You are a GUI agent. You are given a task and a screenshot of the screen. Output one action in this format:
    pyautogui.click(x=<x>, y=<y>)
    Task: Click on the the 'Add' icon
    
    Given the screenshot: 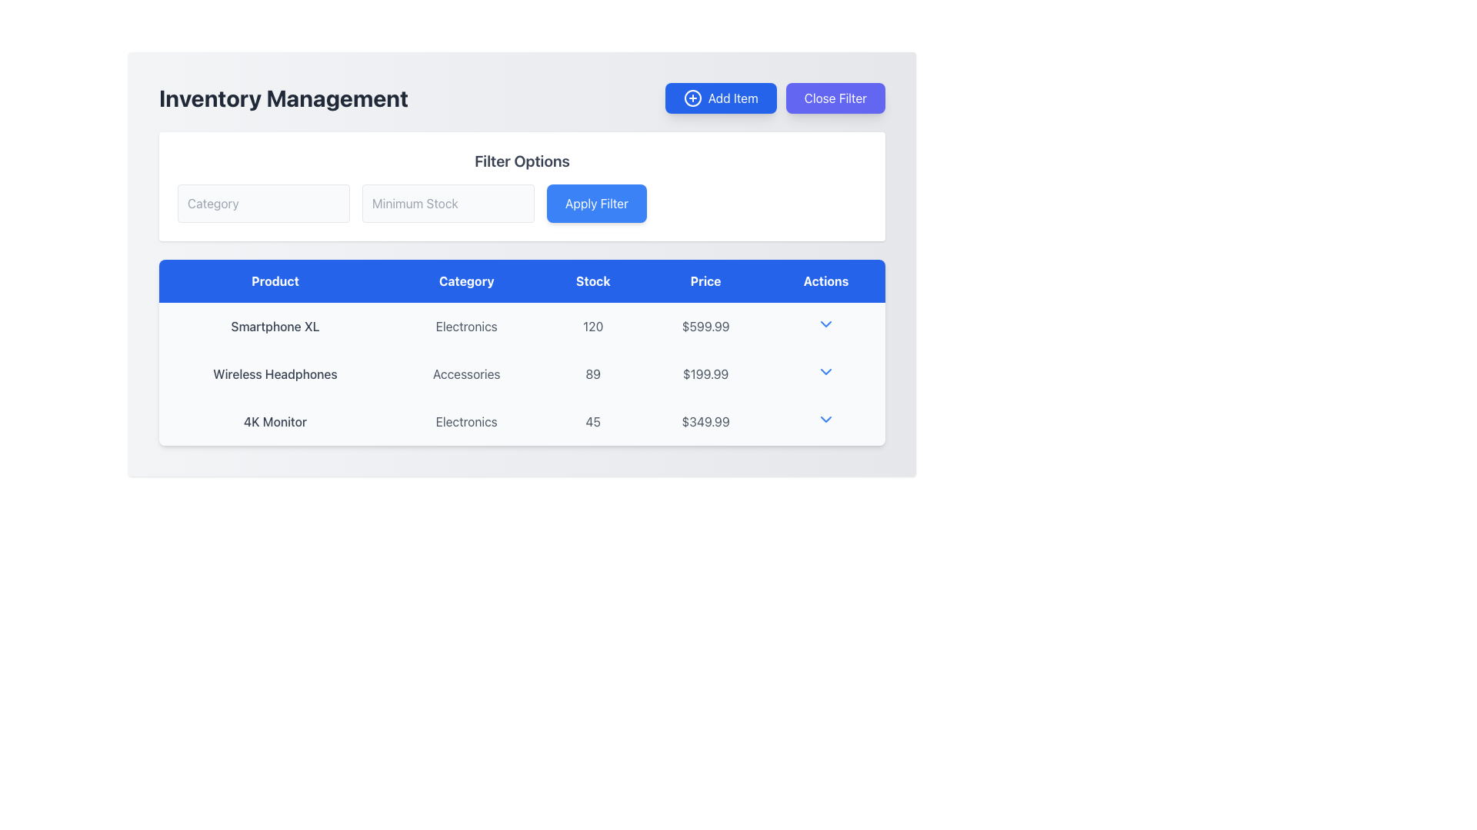 What is the action you would take?
    pyautogui.click(x=692, y=98)
    